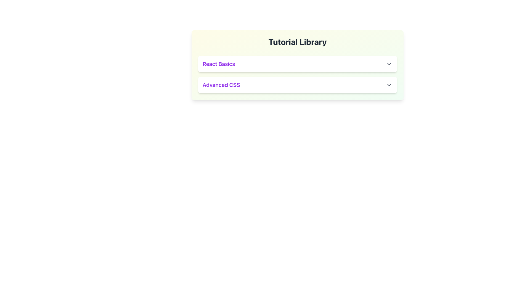 Image resolution: width=530 pixels, height=298 pixels. I want to click on text label that serves as the title or heading for the content, located at the top of the rounded card with a yellow-to-green gradient background, so click(297, 41).